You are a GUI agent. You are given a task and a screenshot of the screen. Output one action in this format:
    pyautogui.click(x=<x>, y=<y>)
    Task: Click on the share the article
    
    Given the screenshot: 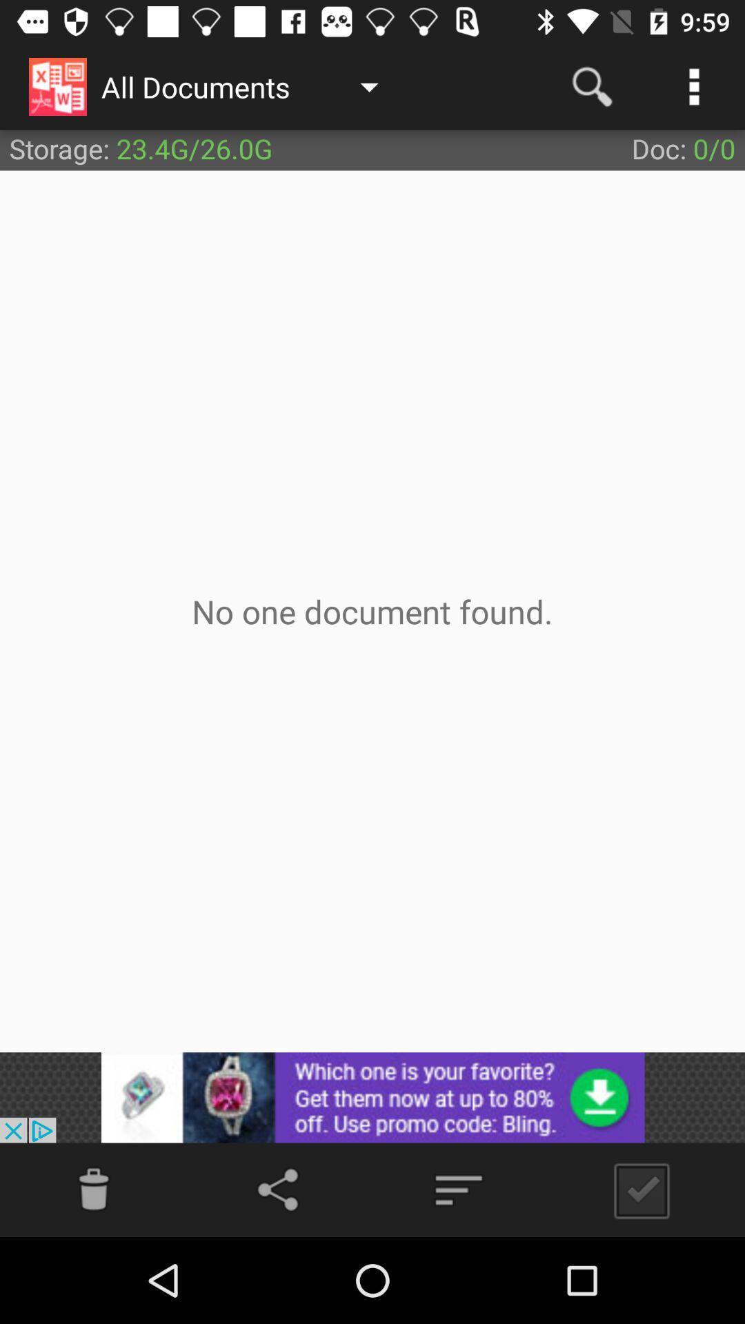 What is the action you would take?
    pyautogui.click(x=280, y=1189)
    